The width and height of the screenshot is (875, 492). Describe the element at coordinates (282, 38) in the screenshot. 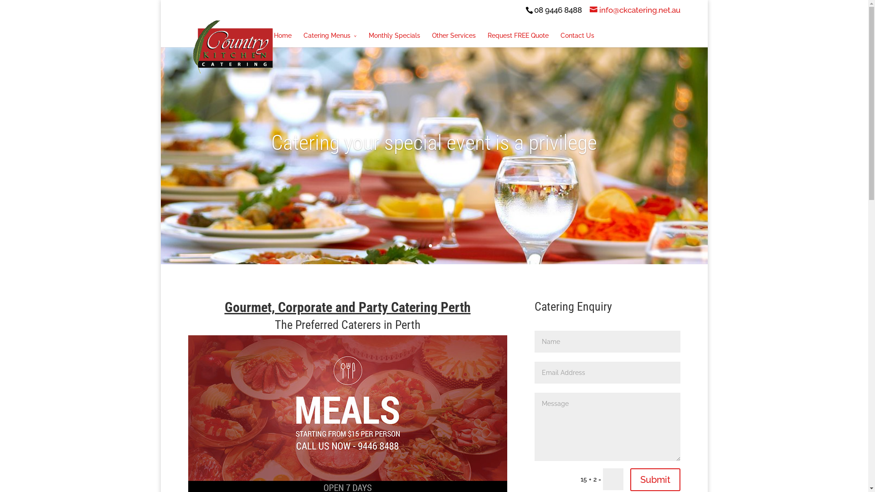

I see `'Home'` at that location.